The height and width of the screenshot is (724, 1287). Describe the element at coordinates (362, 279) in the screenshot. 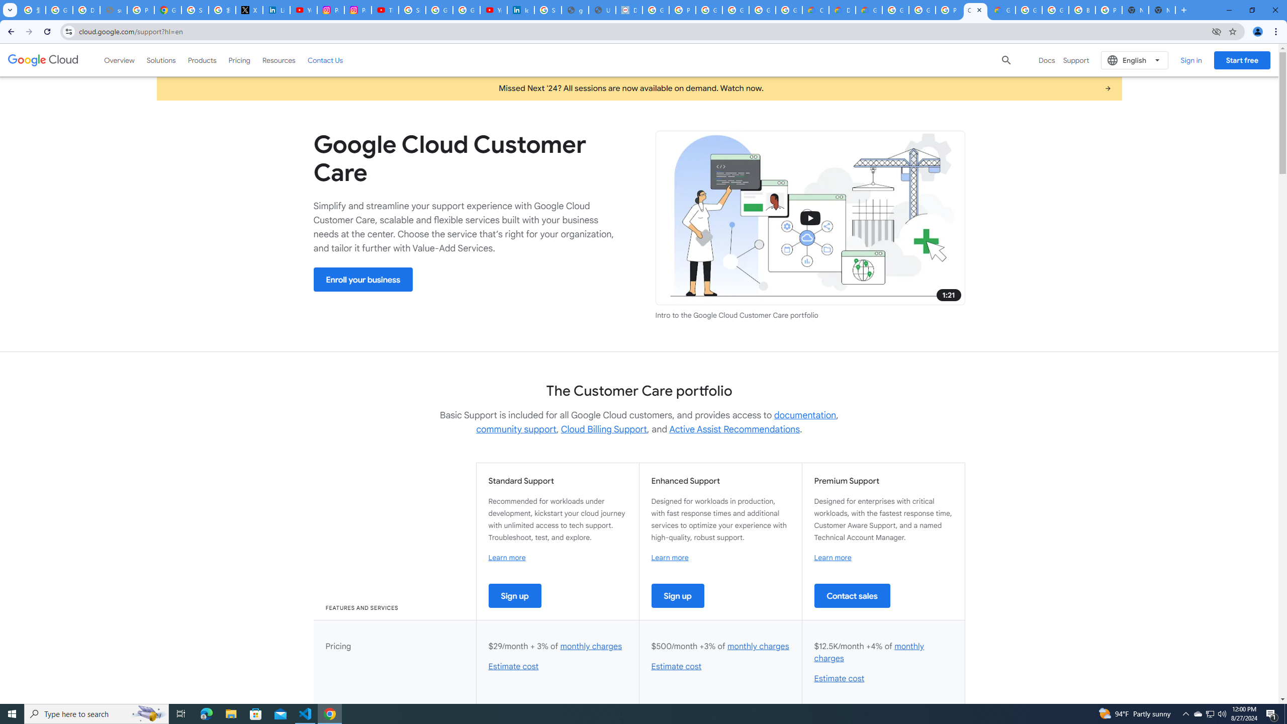

I see `'Enroll your business'` at that location.